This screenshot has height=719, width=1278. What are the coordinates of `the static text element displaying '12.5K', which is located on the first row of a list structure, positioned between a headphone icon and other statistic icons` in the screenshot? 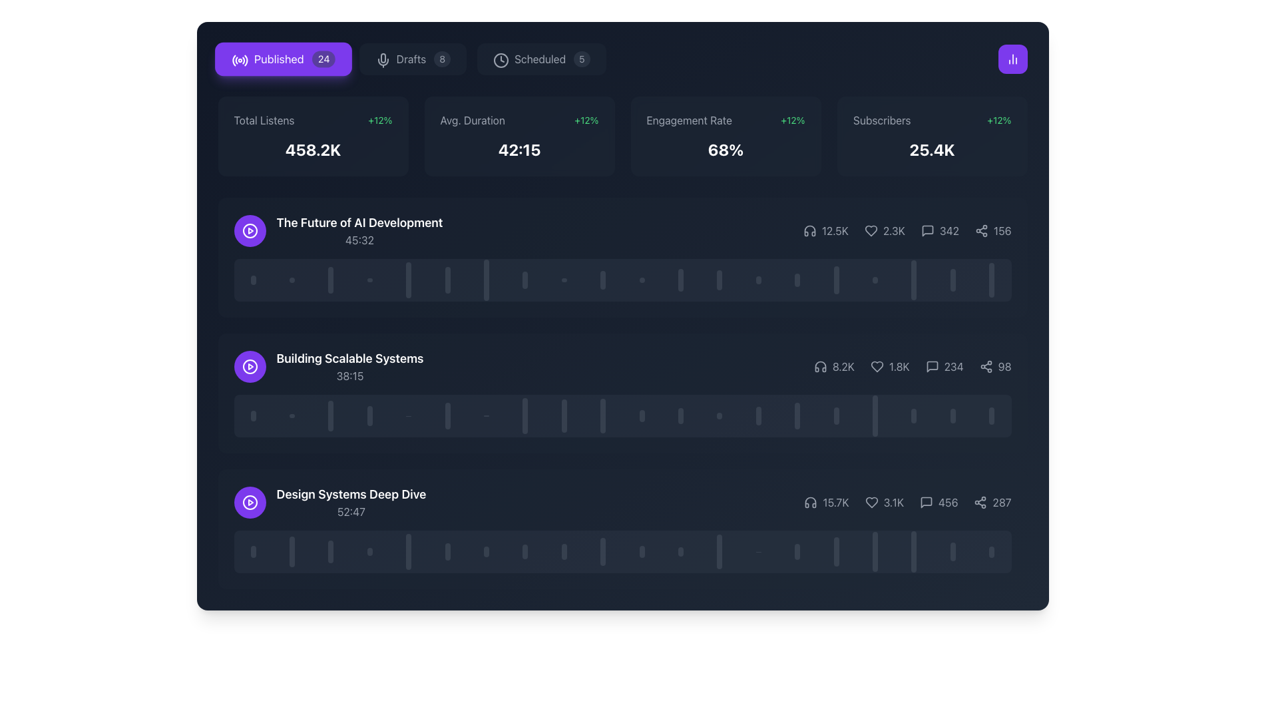 It's located at (834, 230).